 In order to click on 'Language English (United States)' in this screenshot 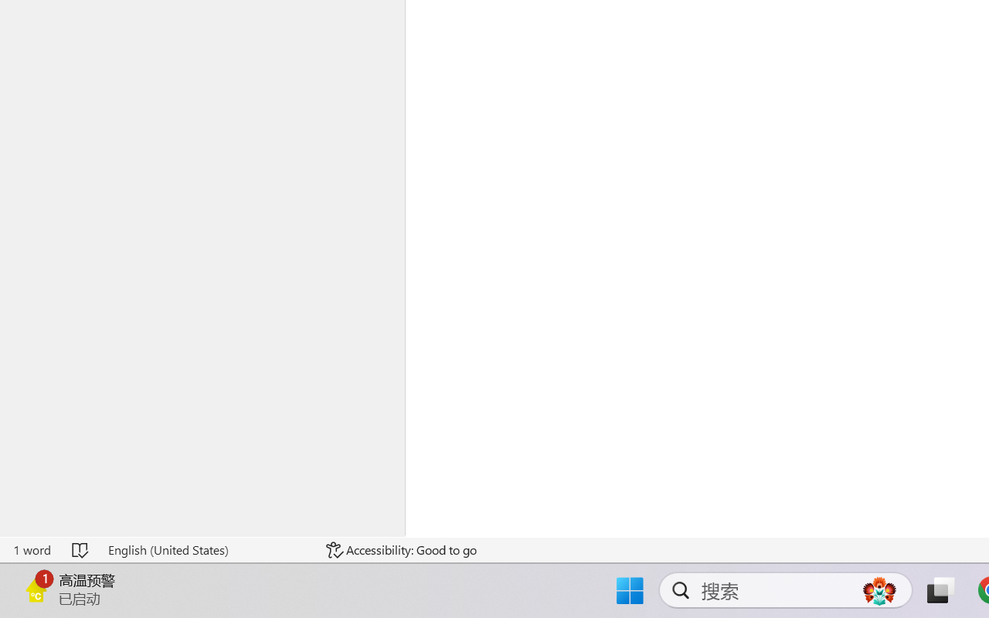, I will do `click(206, 549)`.